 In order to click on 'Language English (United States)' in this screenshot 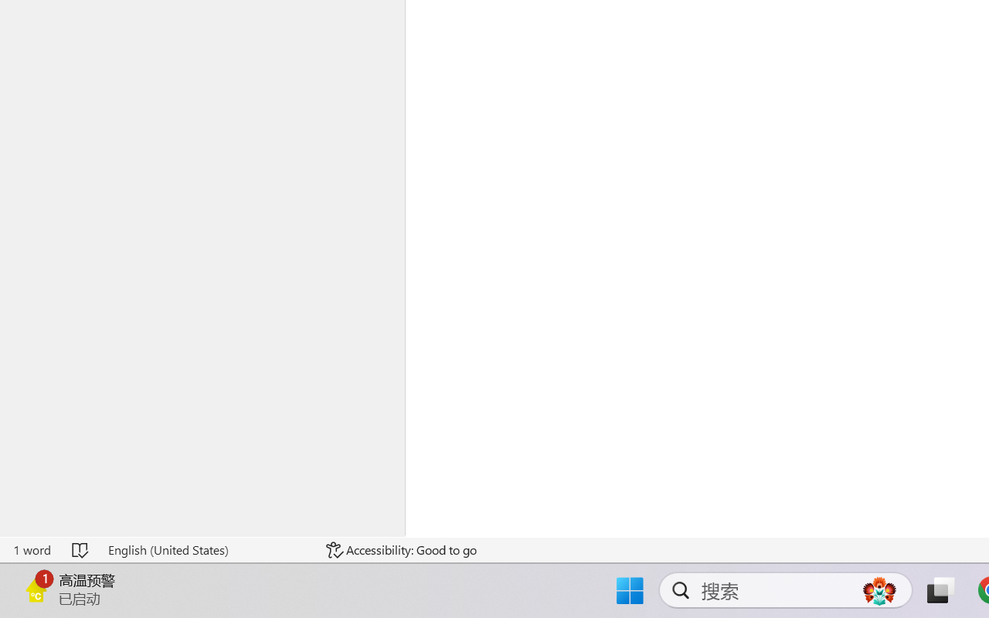, I will do `click(206, 549)`.